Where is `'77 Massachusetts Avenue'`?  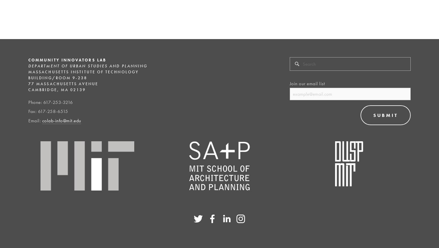
'77 Massachusetts Avenue' is located at coordinates (63, 84).